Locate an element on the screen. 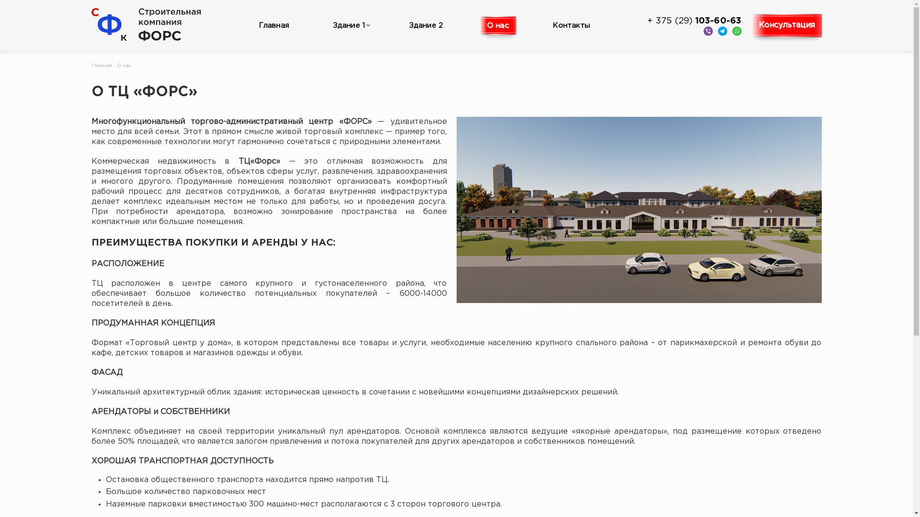 The height and width of the screenshot is (517, 920). '+ 375 (29) 103-60-63' is located at coordinates (694, 21).